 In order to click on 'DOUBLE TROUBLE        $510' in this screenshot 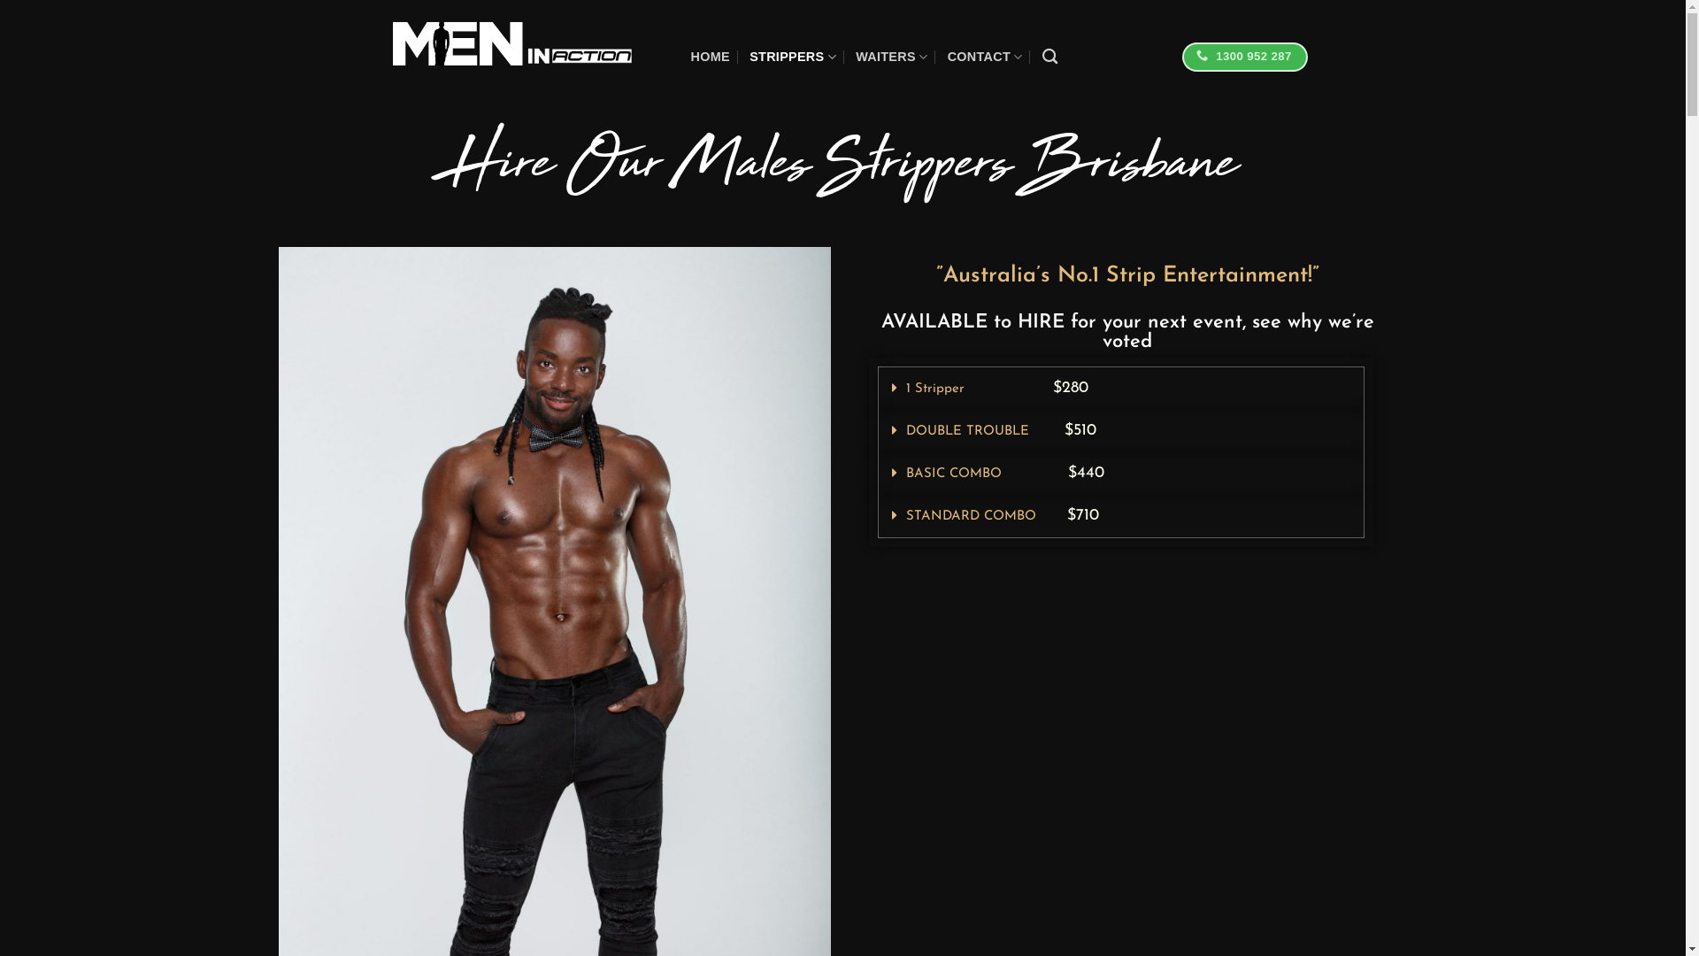, I will do `click(1001, 431)`.